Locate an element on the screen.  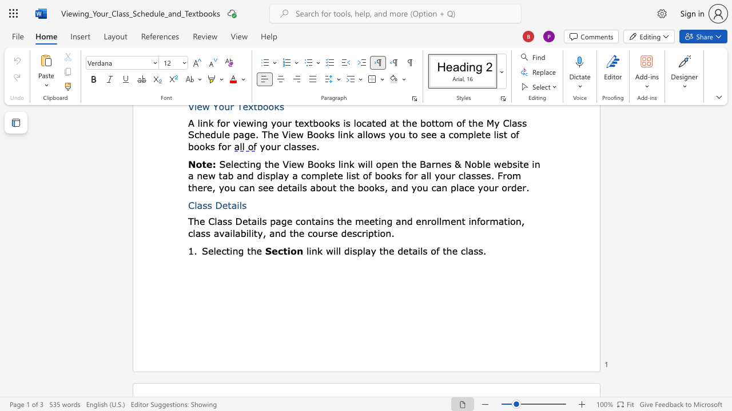
the 1th character "k" in the text is located at coordinates (320, 250).